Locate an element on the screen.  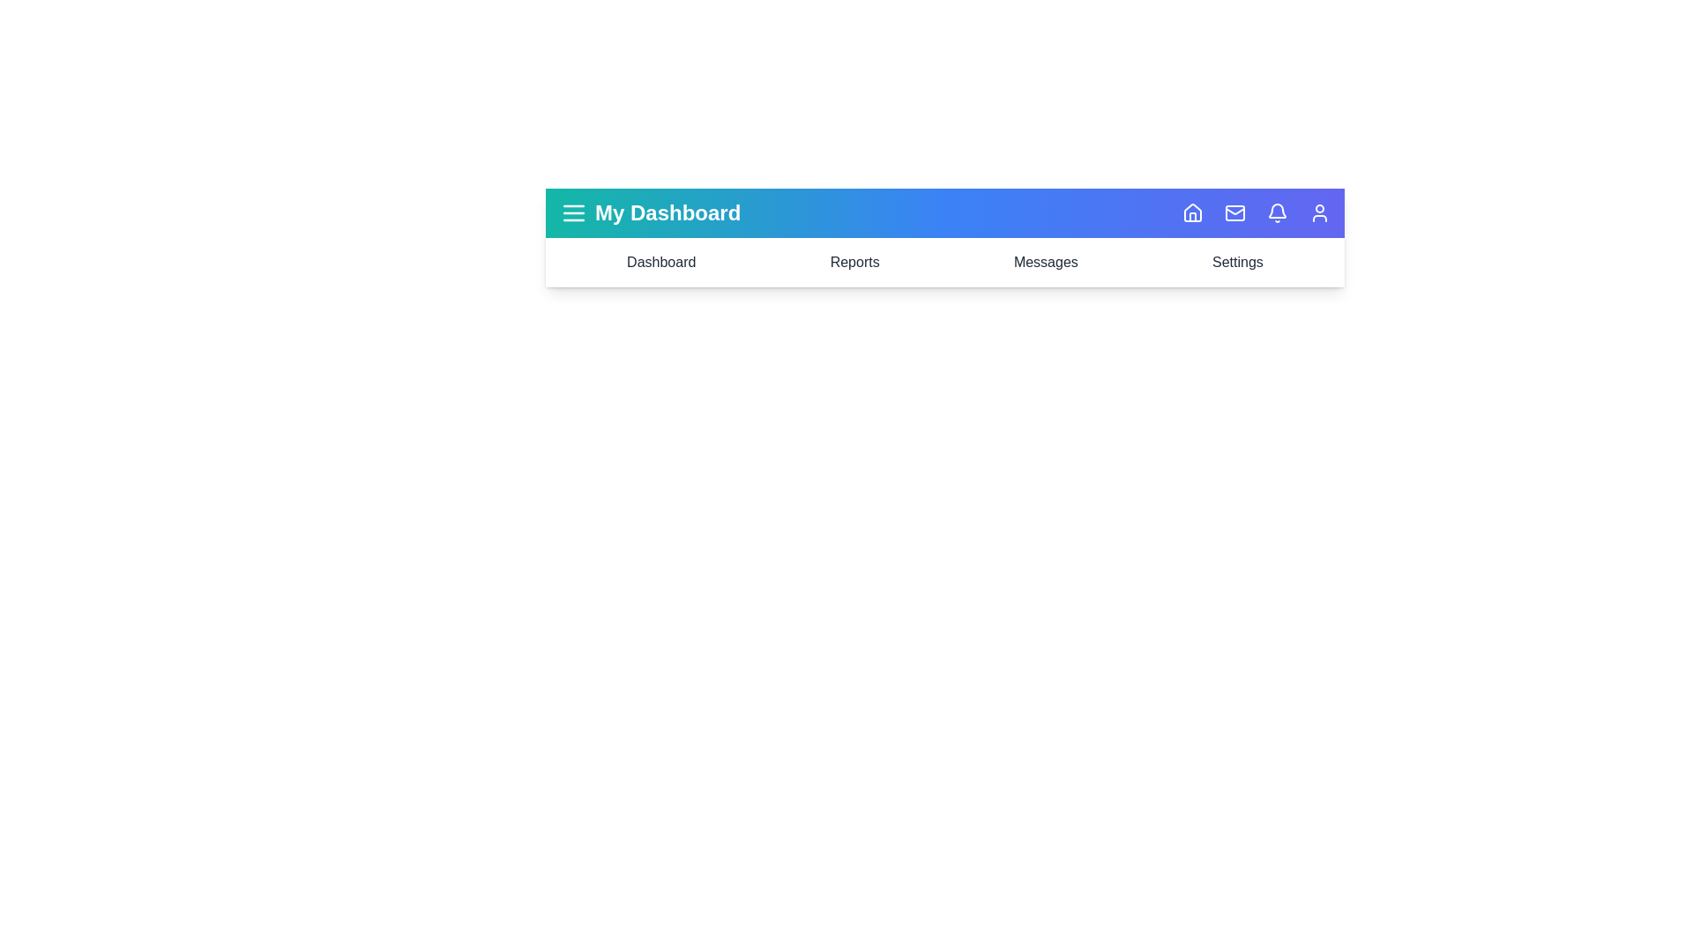
the navigation item Settings to highlight it is located at coordinates (1236, 262).